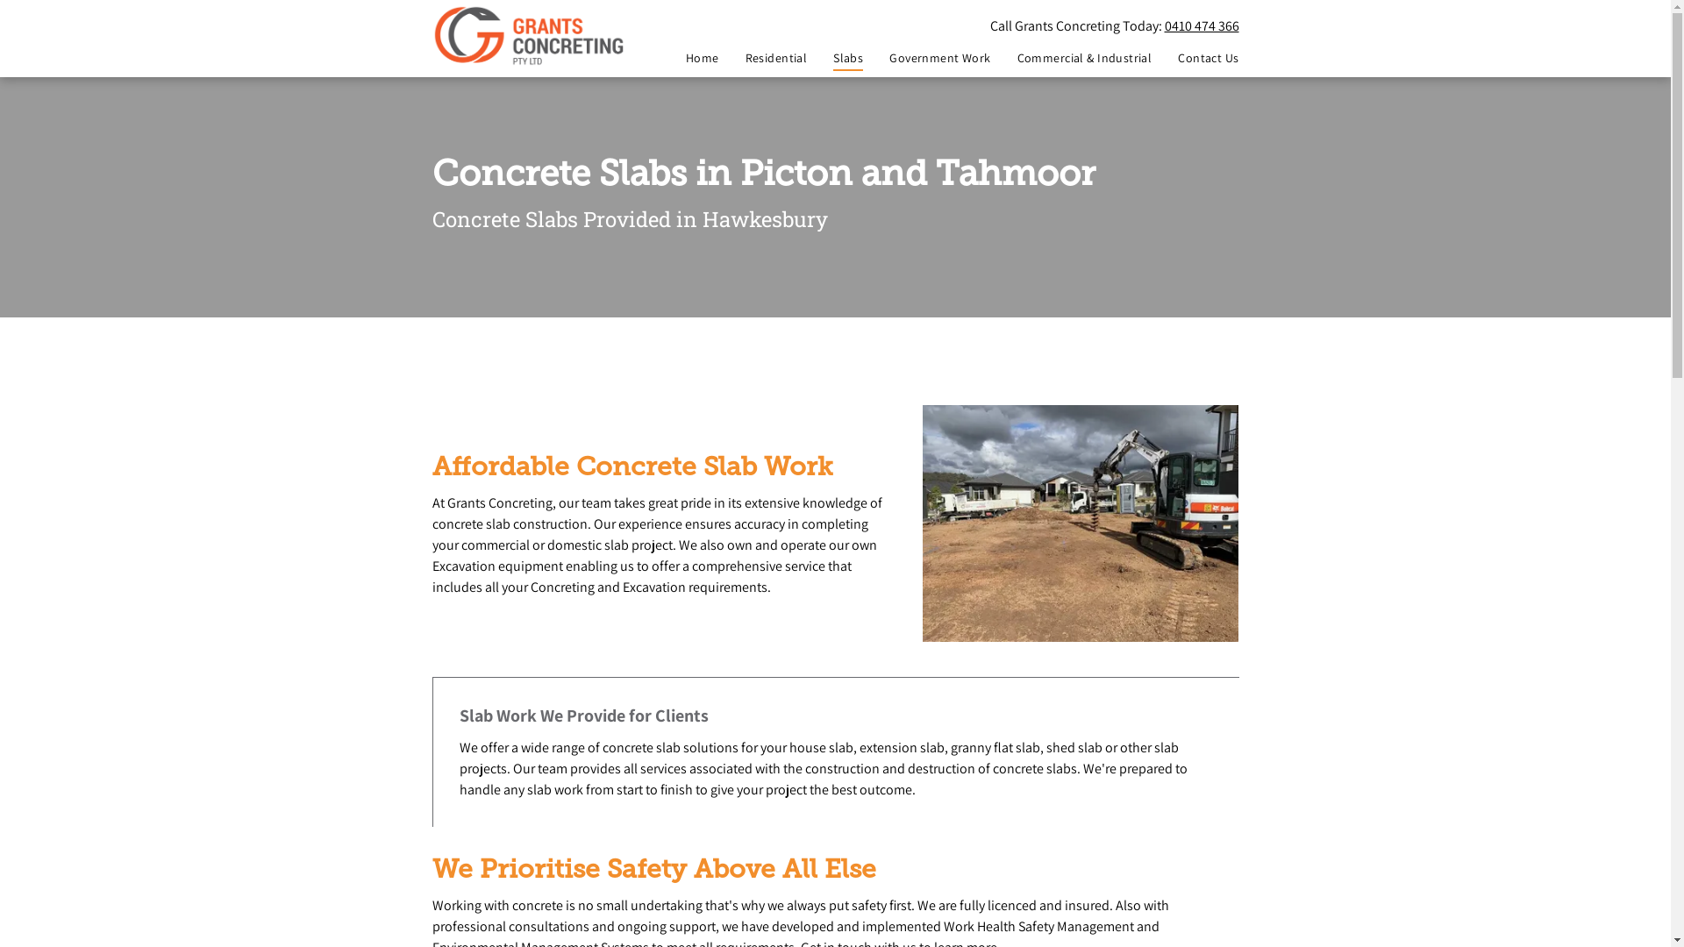 The width and height of the screenshot is (1684, 947). I want to click on 'Home', so click(689, 57).